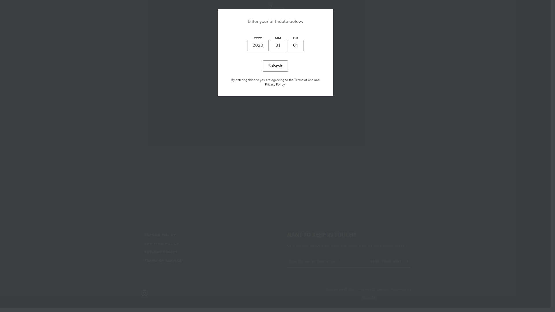 The image size is (555, 312). Describe the element at coordinates (141, 293) in the screenshot. I see `'Instagram'` at that location.